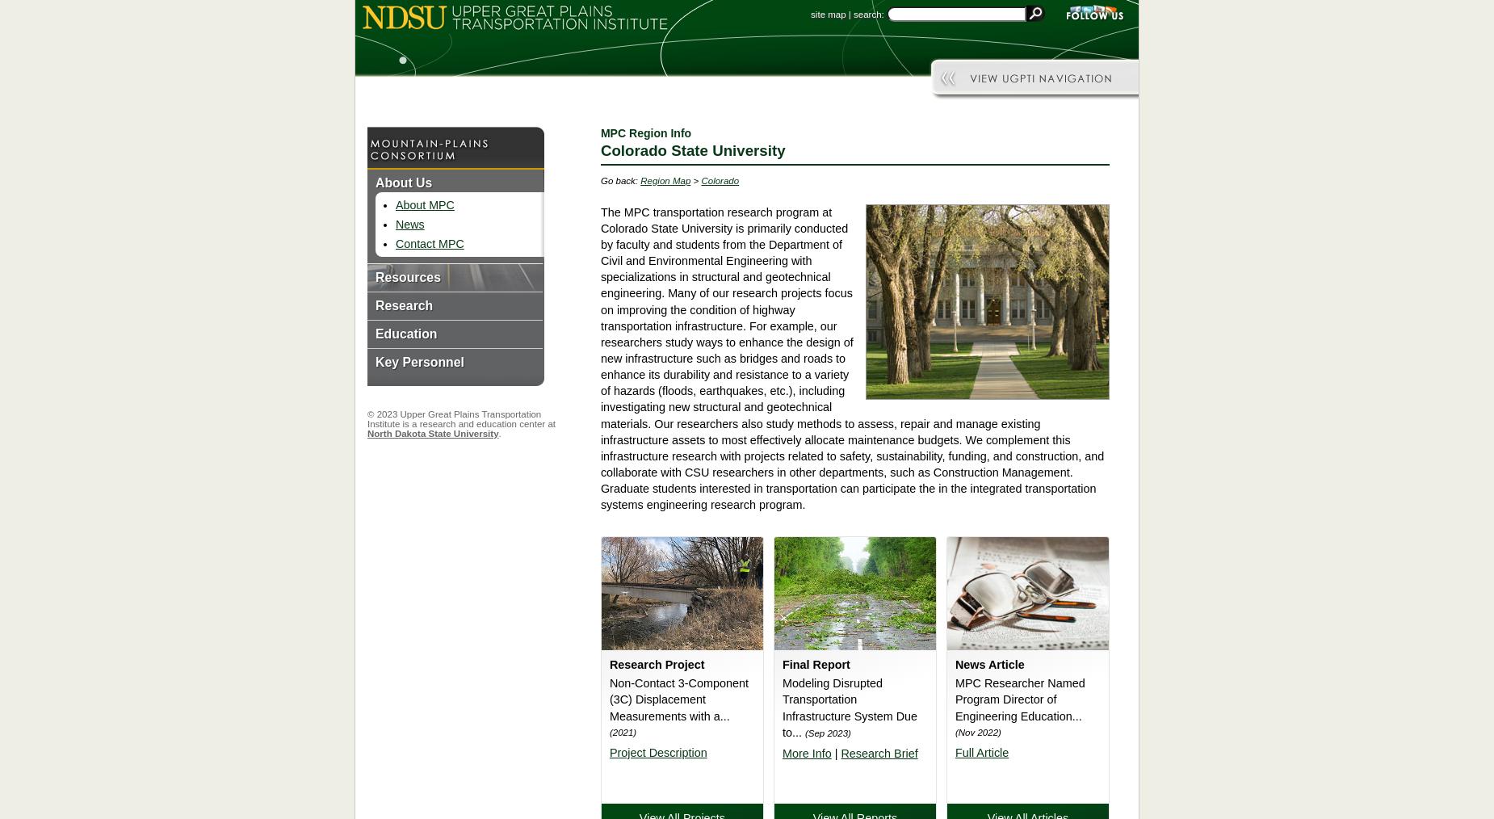 The image size is (1494, 819). I want to click on 'Region Map', so click(665, 178).